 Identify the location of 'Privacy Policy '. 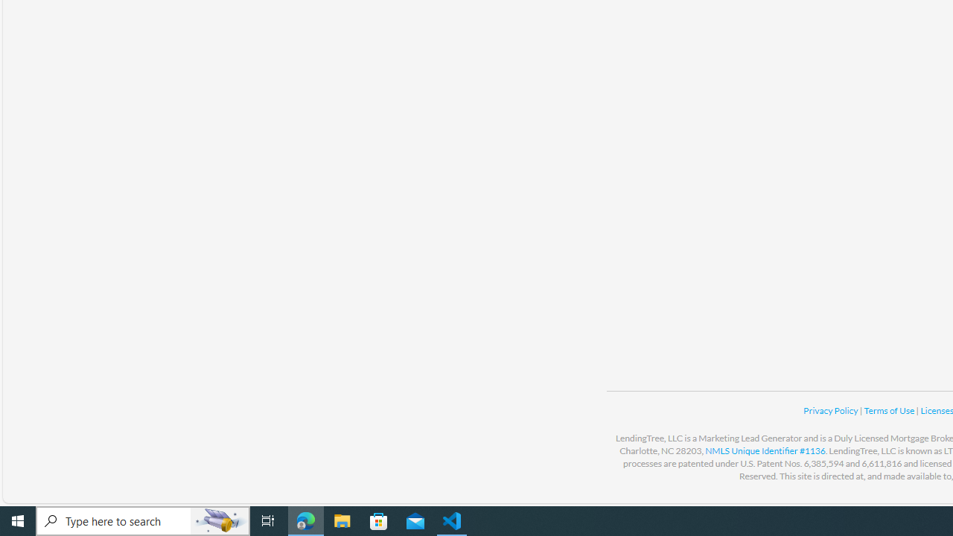
(830, 410).